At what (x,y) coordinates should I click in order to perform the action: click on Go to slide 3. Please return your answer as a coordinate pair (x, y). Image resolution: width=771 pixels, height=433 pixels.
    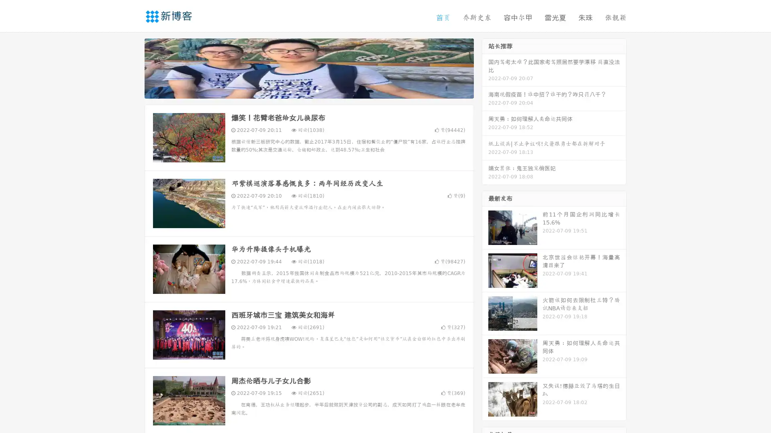
    Looking at the image, I should click on (317, 90).